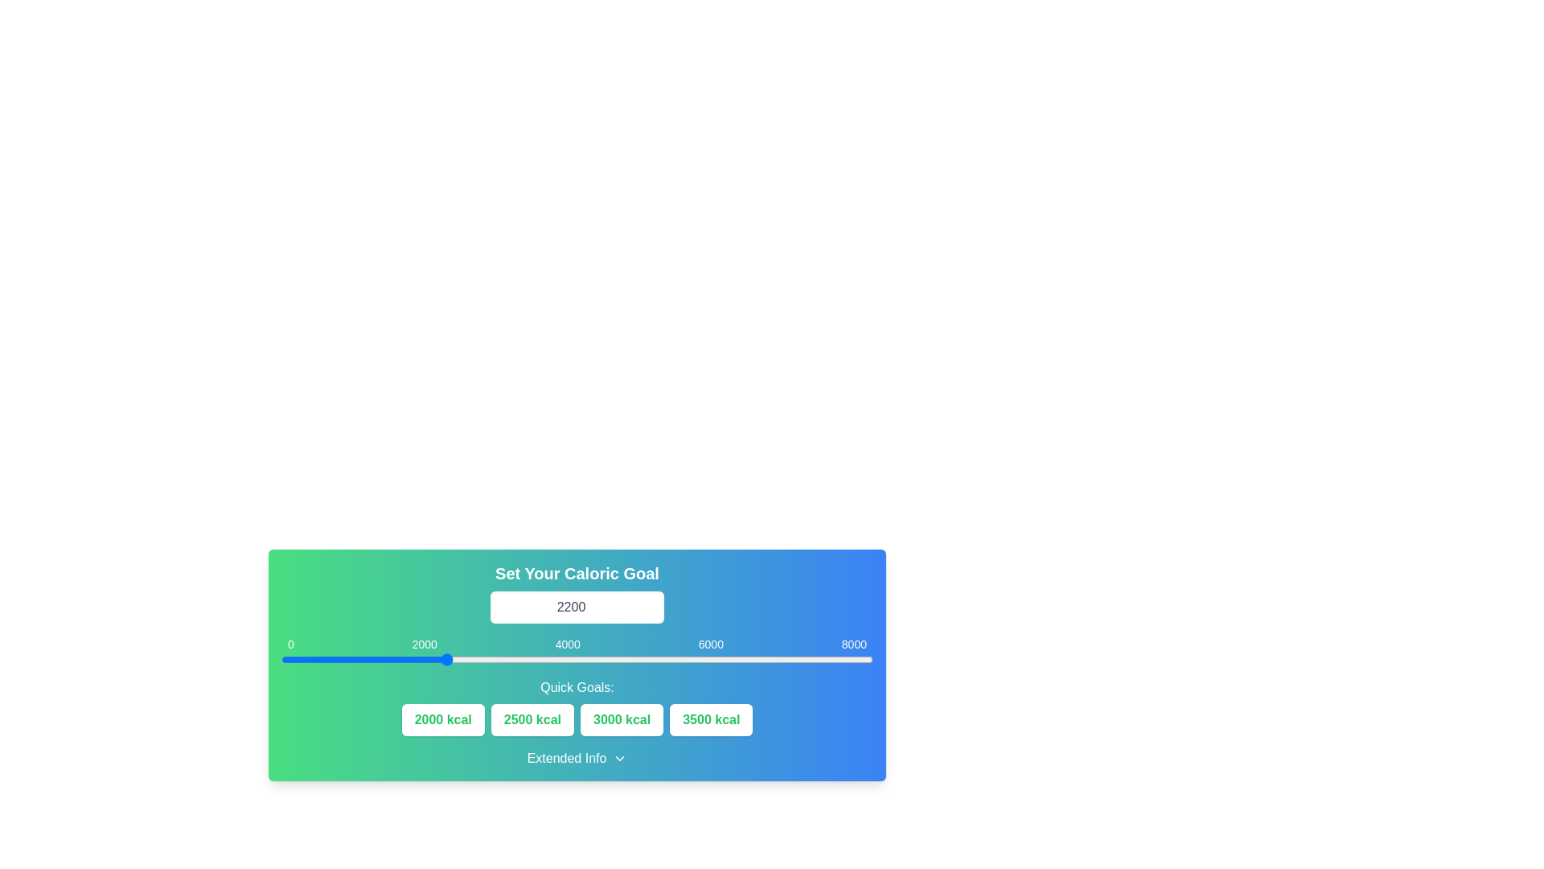  Describe the element at coordinates (532, 719) in the screenshot. I see `the '2500 kcal' button, which is the second button in a row of four, to set the caloric goal to 2500 kcal` at that location.